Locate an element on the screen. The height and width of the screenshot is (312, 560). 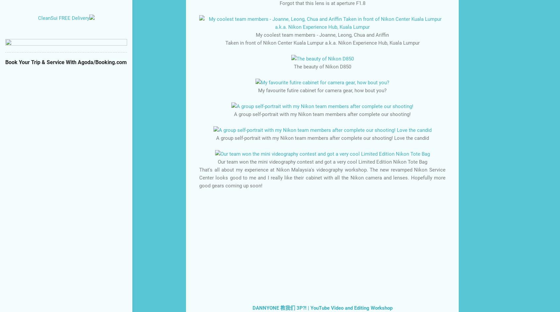
'Forgot that this lens is at aperture F1.8' is located at coordinates (279, 3).